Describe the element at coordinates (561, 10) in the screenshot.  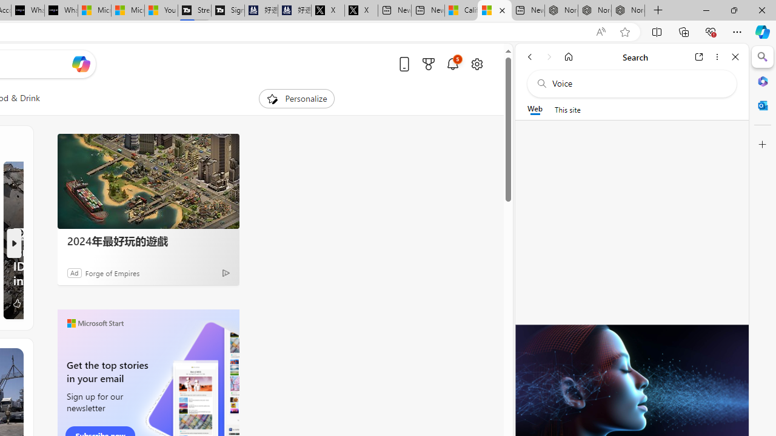
I see `'Nordace - Best Sellers'` at that location.